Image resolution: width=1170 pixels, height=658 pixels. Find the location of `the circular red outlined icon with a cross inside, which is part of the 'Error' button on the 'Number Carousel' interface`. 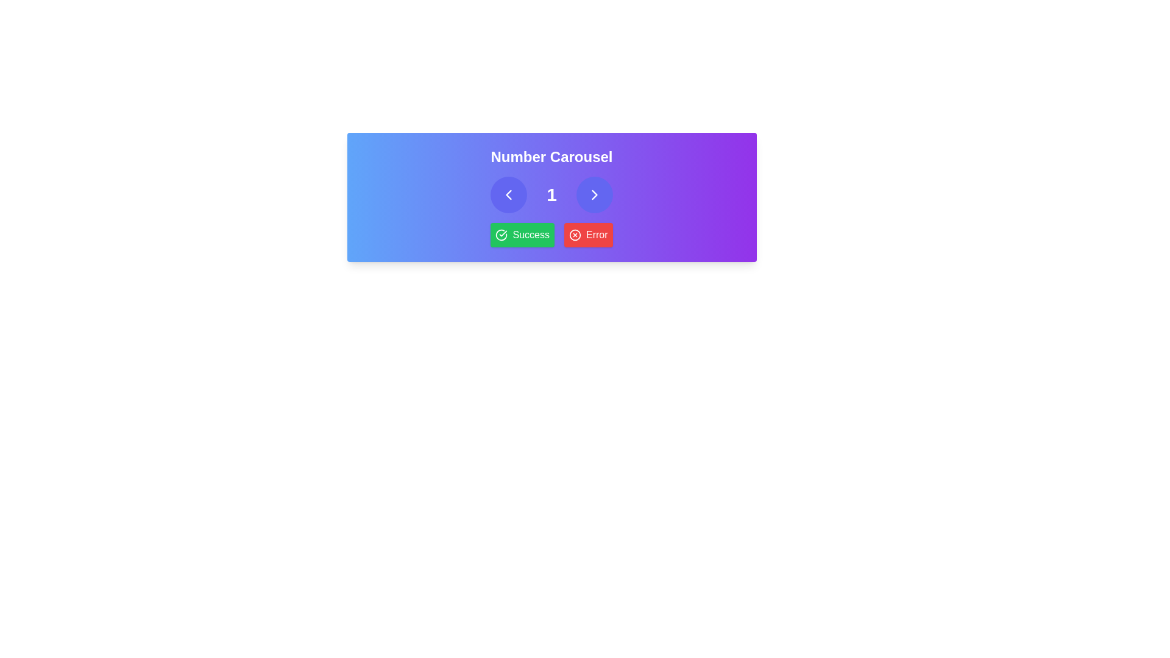

the circular red outlined icon with a cross inside, which is part of the 'Error' button on the 'Number Carousel' interface is located at coordinates (574, 235).